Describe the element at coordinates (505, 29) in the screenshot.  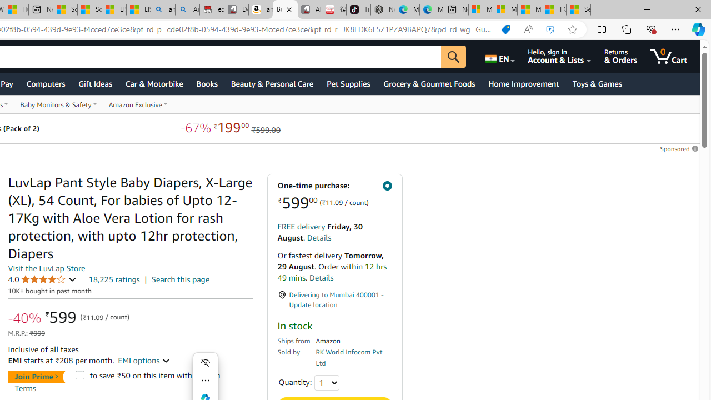
I see `'You have the best price!'` at that location.